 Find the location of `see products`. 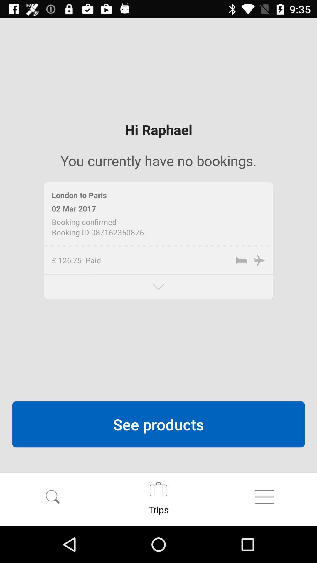

see products is located at coordinates (158, 424).